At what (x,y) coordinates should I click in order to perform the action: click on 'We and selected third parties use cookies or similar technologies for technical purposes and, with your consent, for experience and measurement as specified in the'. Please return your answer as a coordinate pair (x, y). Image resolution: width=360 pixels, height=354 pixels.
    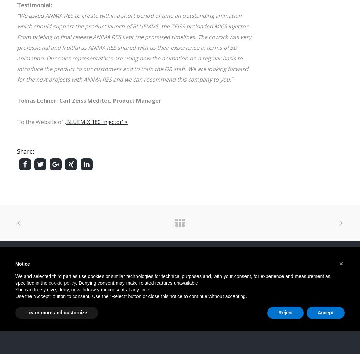
    Looking at the image, I should click on (172, 279).